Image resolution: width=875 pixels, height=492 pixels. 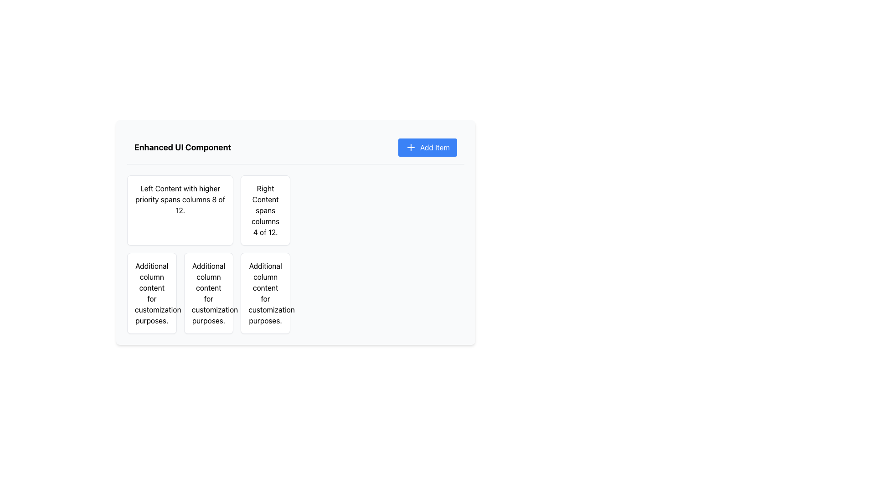 What do you see at coordinates (265, 210) in the screenshot?
I see `the text display element located in the right column of a two-column layout, which provides context about the content distribution` at bounding box center [265, 210].